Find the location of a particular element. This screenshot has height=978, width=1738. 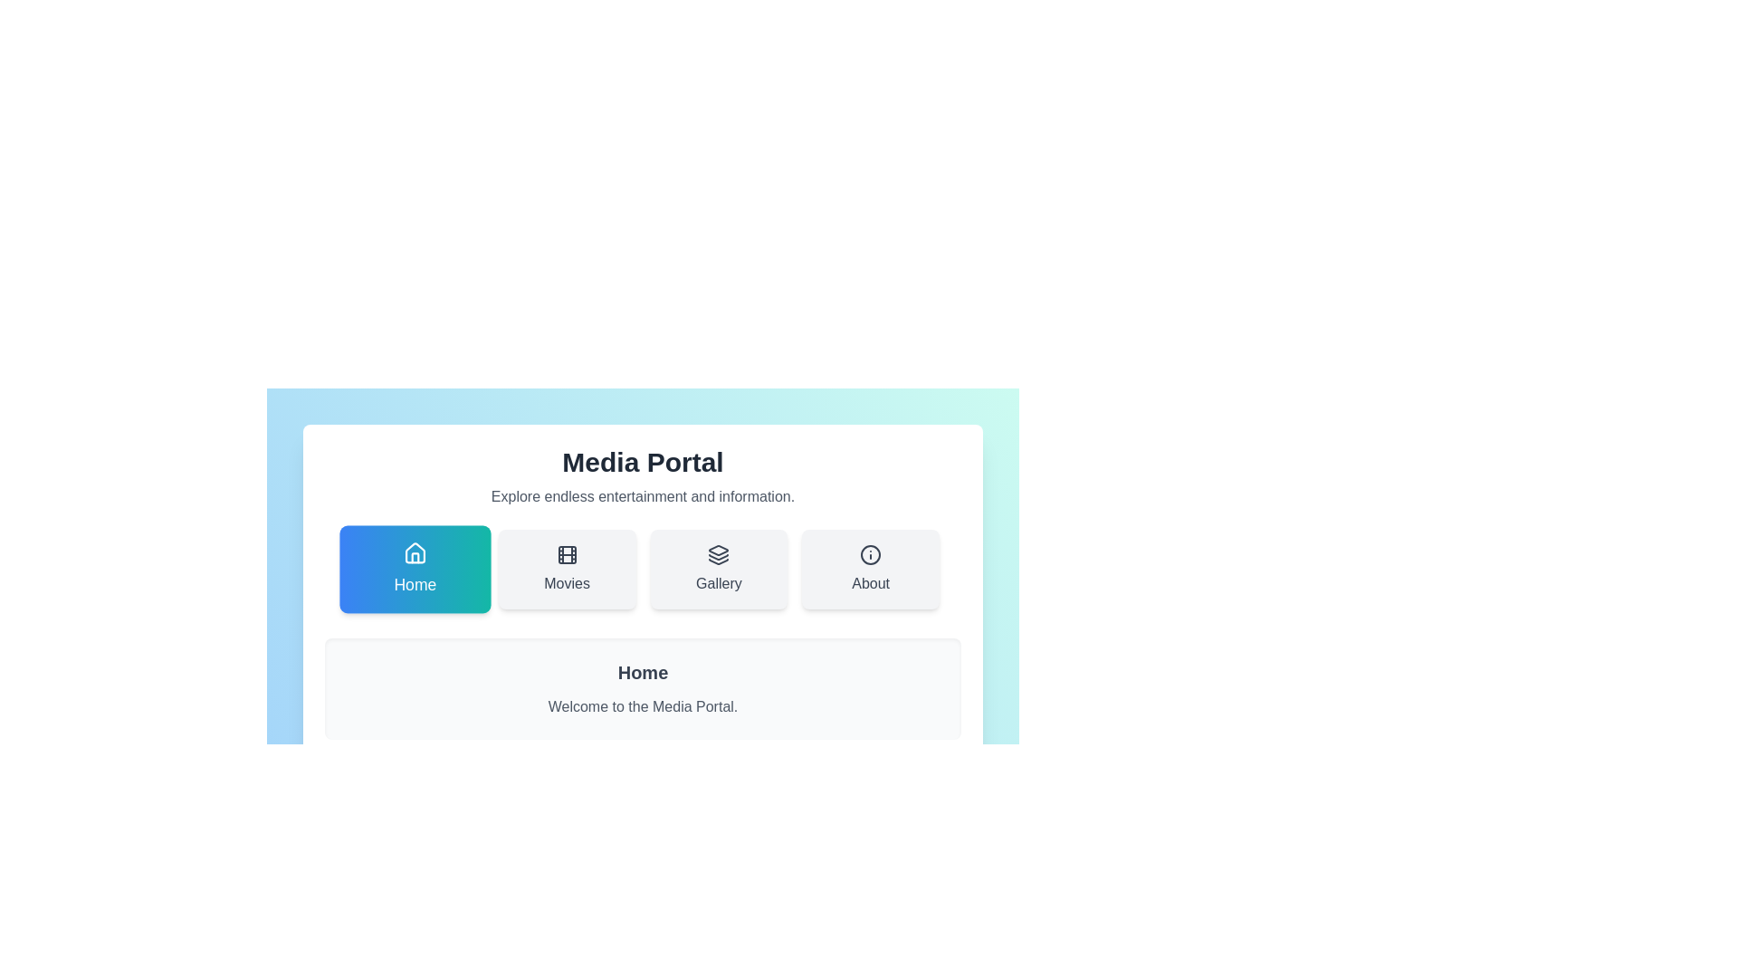

text of the bold, centered heading displaying 'Media Portal' located at the top of the main content area is located at coordinates (643, 461).